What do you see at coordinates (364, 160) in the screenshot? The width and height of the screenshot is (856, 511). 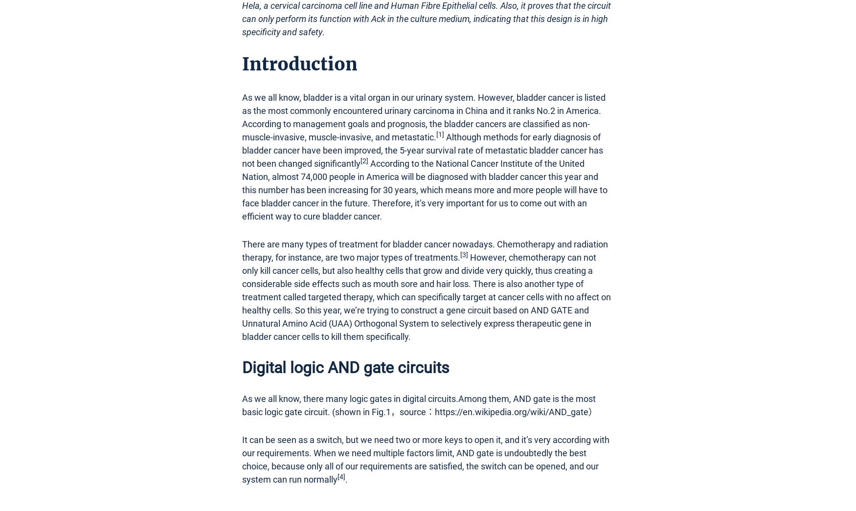 I see `'[2]'` at bounding box center [364, 160].